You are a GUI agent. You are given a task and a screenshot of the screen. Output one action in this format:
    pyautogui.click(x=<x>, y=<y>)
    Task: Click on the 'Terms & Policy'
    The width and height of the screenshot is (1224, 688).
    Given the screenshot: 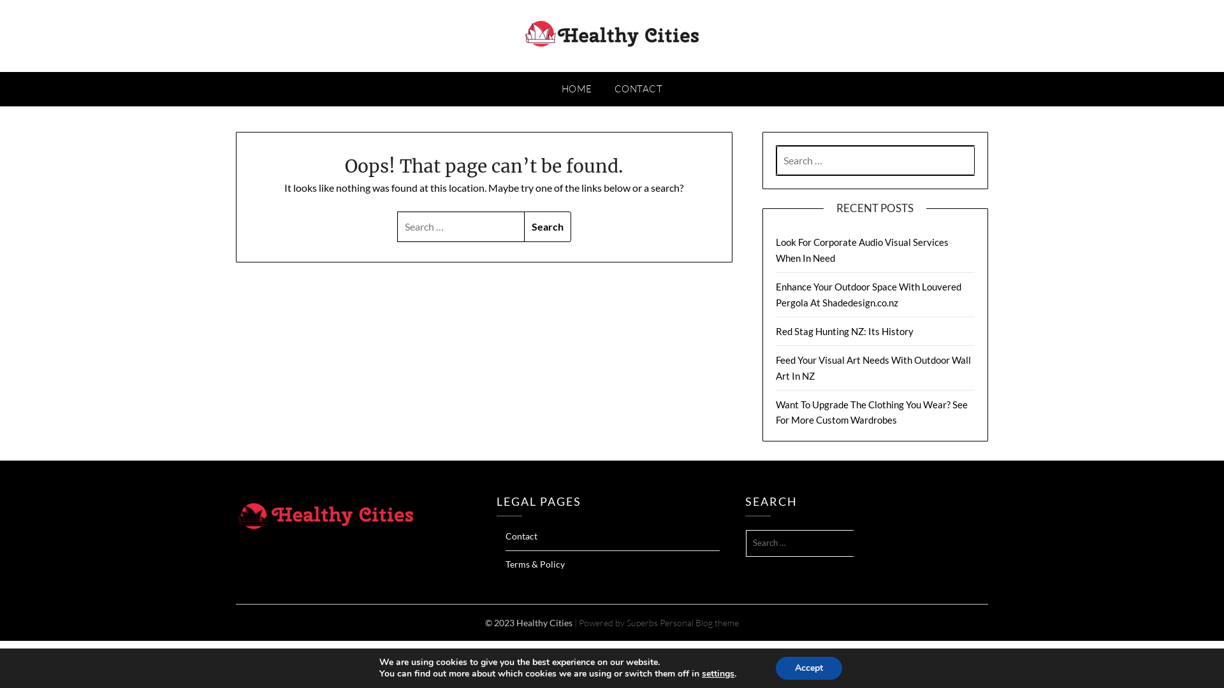 What is the action you would take?
    pyautogui.click(x=535, y=563)
    